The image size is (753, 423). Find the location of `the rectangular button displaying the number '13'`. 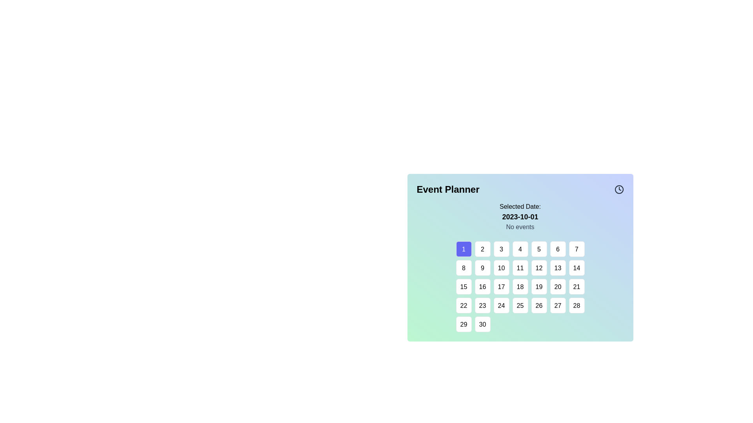

the rectangular button displaying the number '13' is located at coordinates (557, 267).